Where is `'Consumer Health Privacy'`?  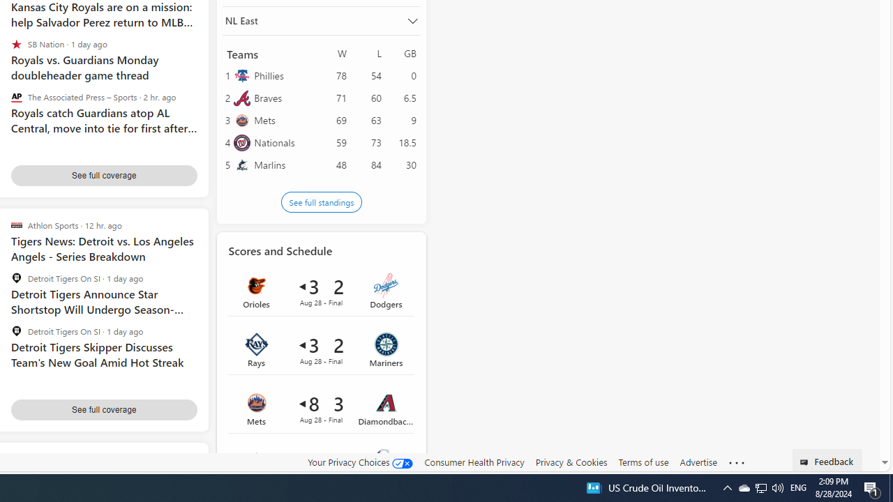 'Consumer Health Privacy' is located at coordinates (474, 462).